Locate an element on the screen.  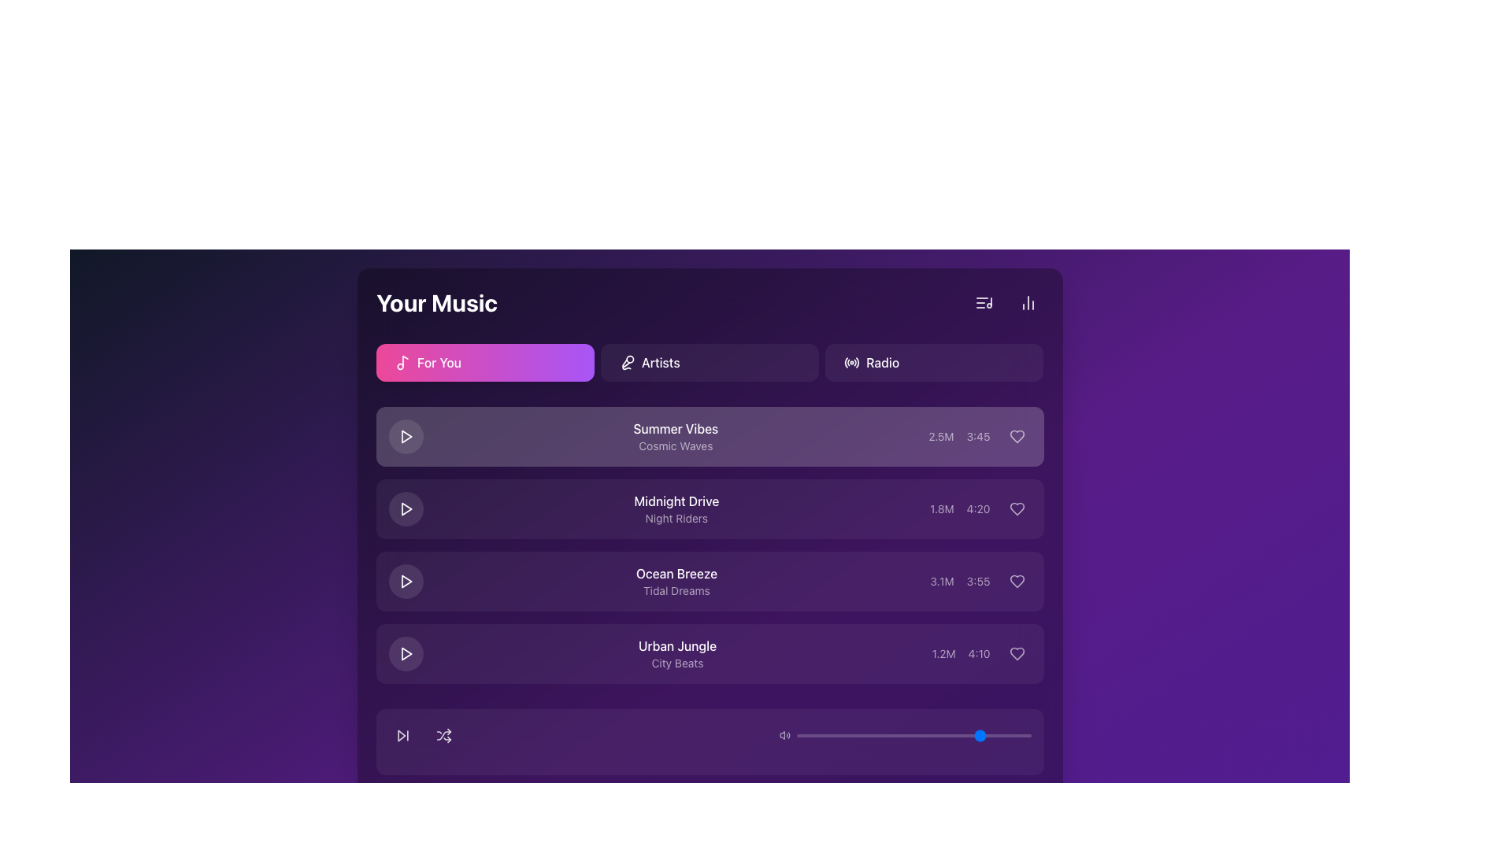
the Text Display in the top-right corner of the first list item titled 'Summer Vibes' is located at coordinates (979, 437).